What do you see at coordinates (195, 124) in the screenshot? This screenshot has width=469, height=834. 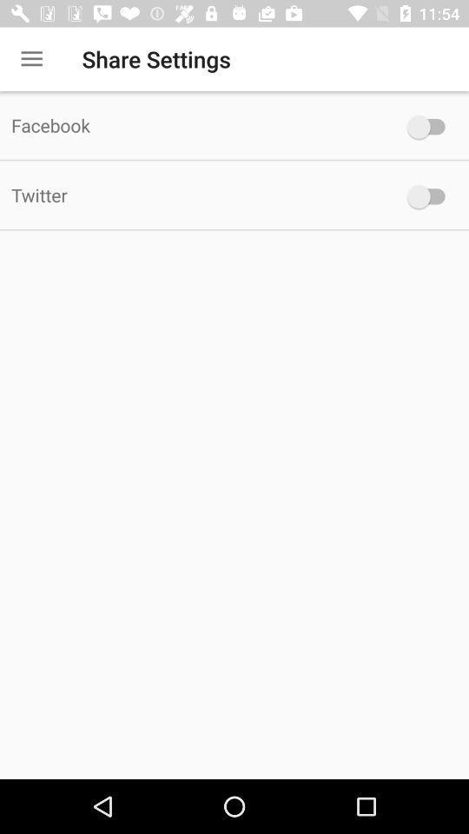 I see `the facebook item` at bounding box center [195, 124].